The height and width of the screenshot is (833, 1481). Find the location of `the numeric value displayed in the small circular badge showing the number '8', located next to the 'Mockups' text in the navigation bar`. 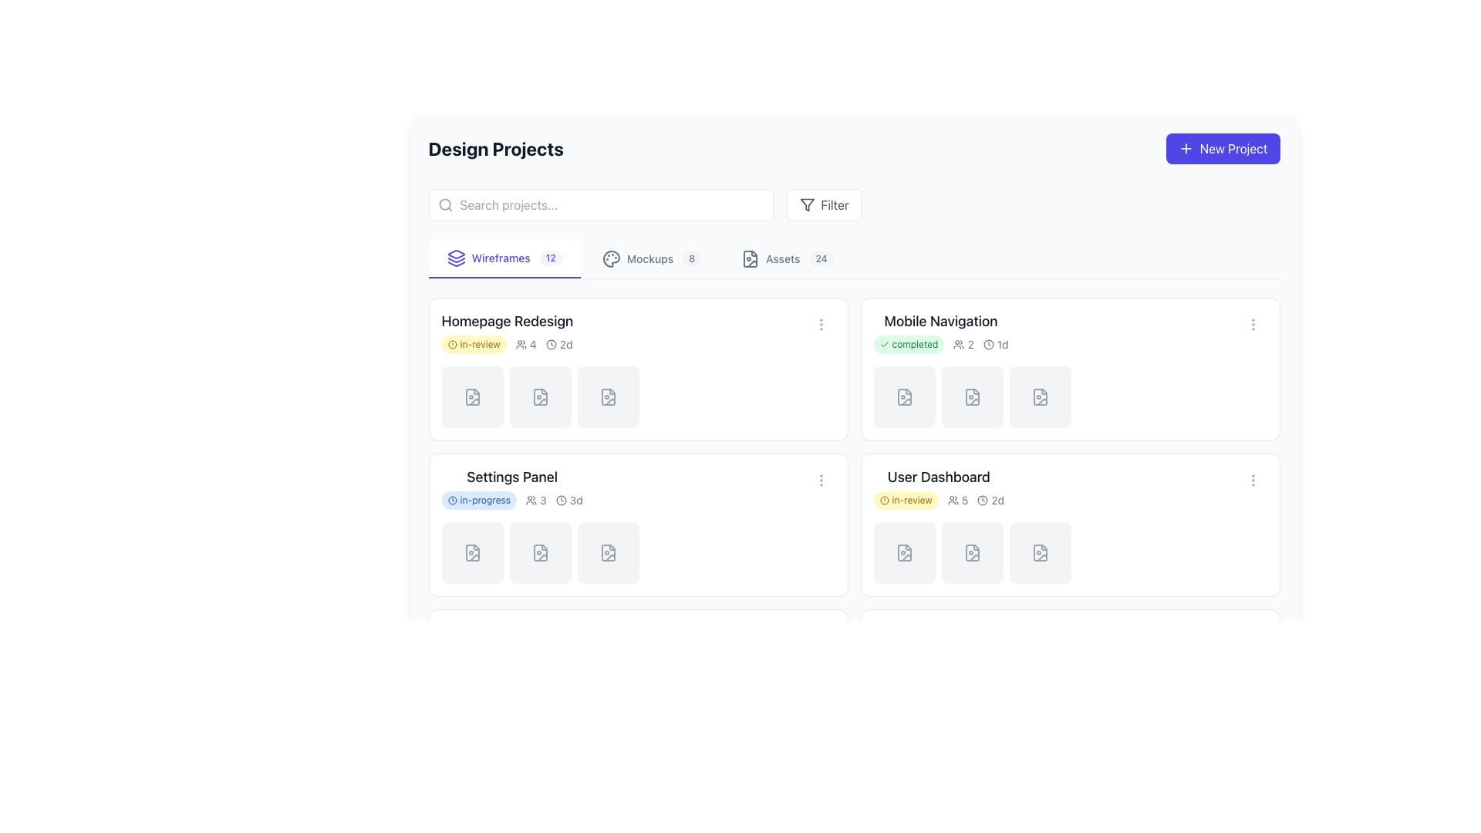

the numeric value displayed in the small circular badge showing the number '8', located next to the 'Mockups' text in the navigation bar is located at coordinates (691, 258).